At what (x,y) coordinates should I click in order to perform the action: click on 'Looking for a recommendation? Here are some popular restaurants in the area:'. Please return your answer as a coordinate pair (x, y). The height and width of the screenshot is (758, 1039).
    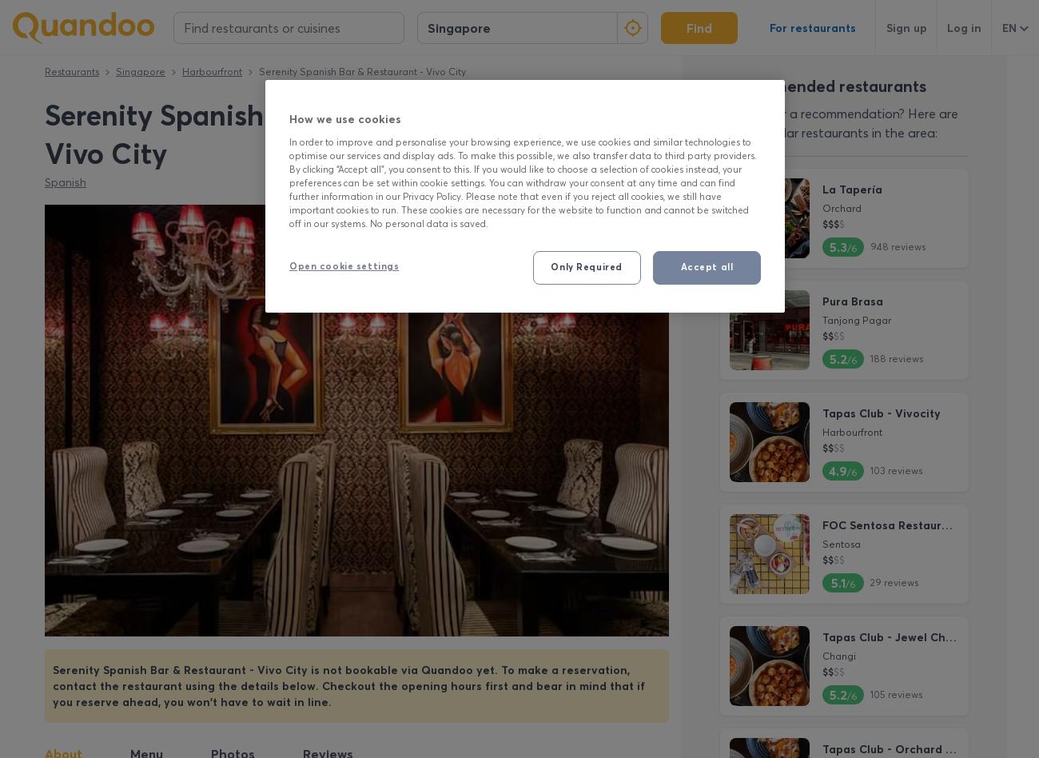
    Looking at the image, I should click on (839, 122).